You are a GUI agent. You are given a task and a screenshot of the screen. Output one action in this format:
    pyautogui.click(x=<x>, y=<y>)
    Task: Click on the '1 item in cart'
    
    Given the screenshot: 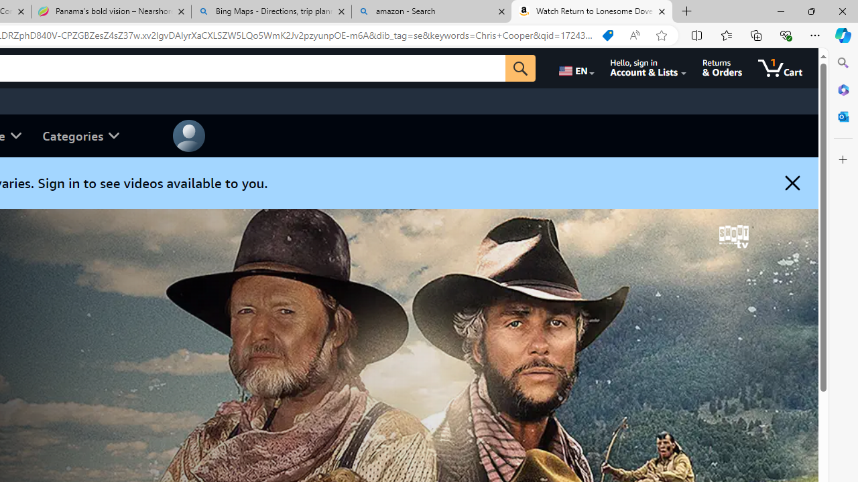 What is the action you would take?
    pyautogui.click(x=780, y=68)
    